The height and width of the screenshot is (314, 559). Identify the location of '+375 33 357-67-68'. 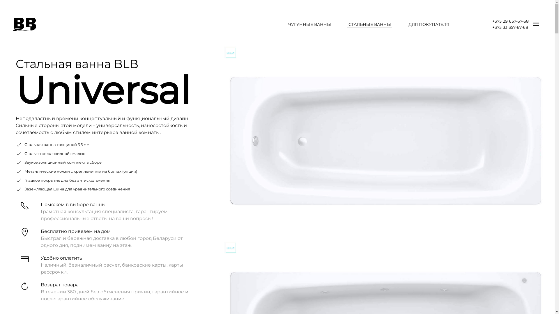
(506, 27).